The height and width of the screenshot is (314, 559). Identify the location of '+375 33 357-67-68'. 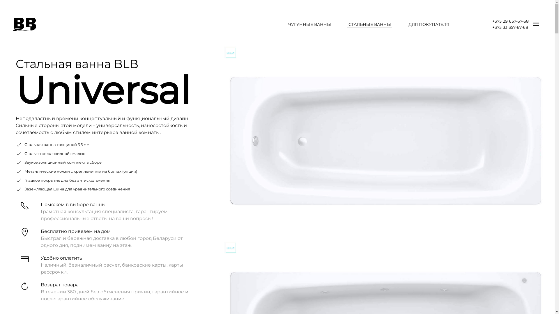
(506, 27).